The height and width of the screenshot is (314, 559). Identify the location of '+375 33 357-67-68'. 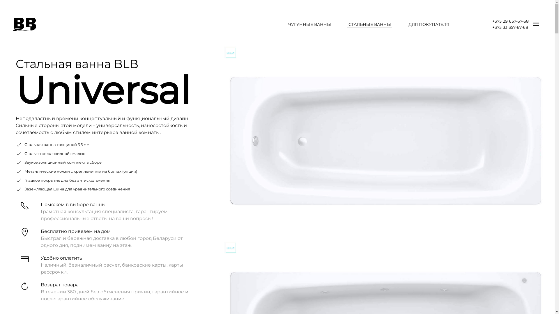
(506, 27).